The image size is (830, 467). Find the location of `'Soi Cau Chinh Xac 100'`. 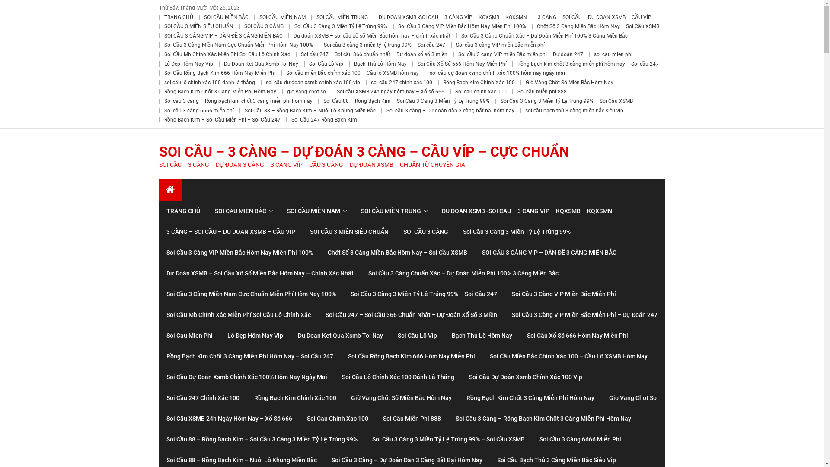

'Soi Cau Chinh Xac 100' is located at coordinates (336, 418).